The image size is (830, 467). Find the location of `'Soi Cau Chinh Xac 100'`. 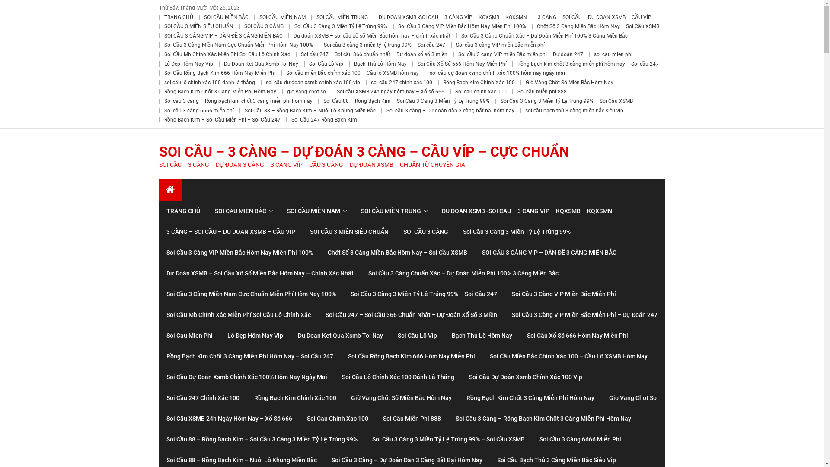

'Soi Cau Chinh Xac 100' is located at coordinates (336, 418).